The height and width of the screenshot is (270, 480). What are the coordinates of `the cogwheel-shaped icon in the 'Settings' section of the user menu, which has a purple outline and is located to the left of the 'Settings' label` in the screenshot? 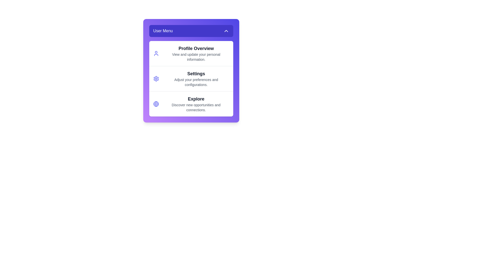 It's located at (156, 79).